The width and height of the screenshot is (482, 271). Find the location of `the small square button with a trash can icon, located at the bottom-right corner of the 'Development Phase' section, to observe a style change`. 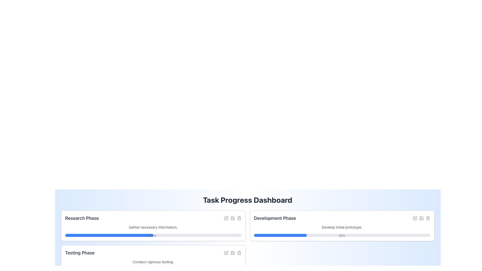

the small square button with a trash can icon, located at the bottom-right corner of the 'Development Phase' section, to observe a style change is located at coordinates (428, 218).